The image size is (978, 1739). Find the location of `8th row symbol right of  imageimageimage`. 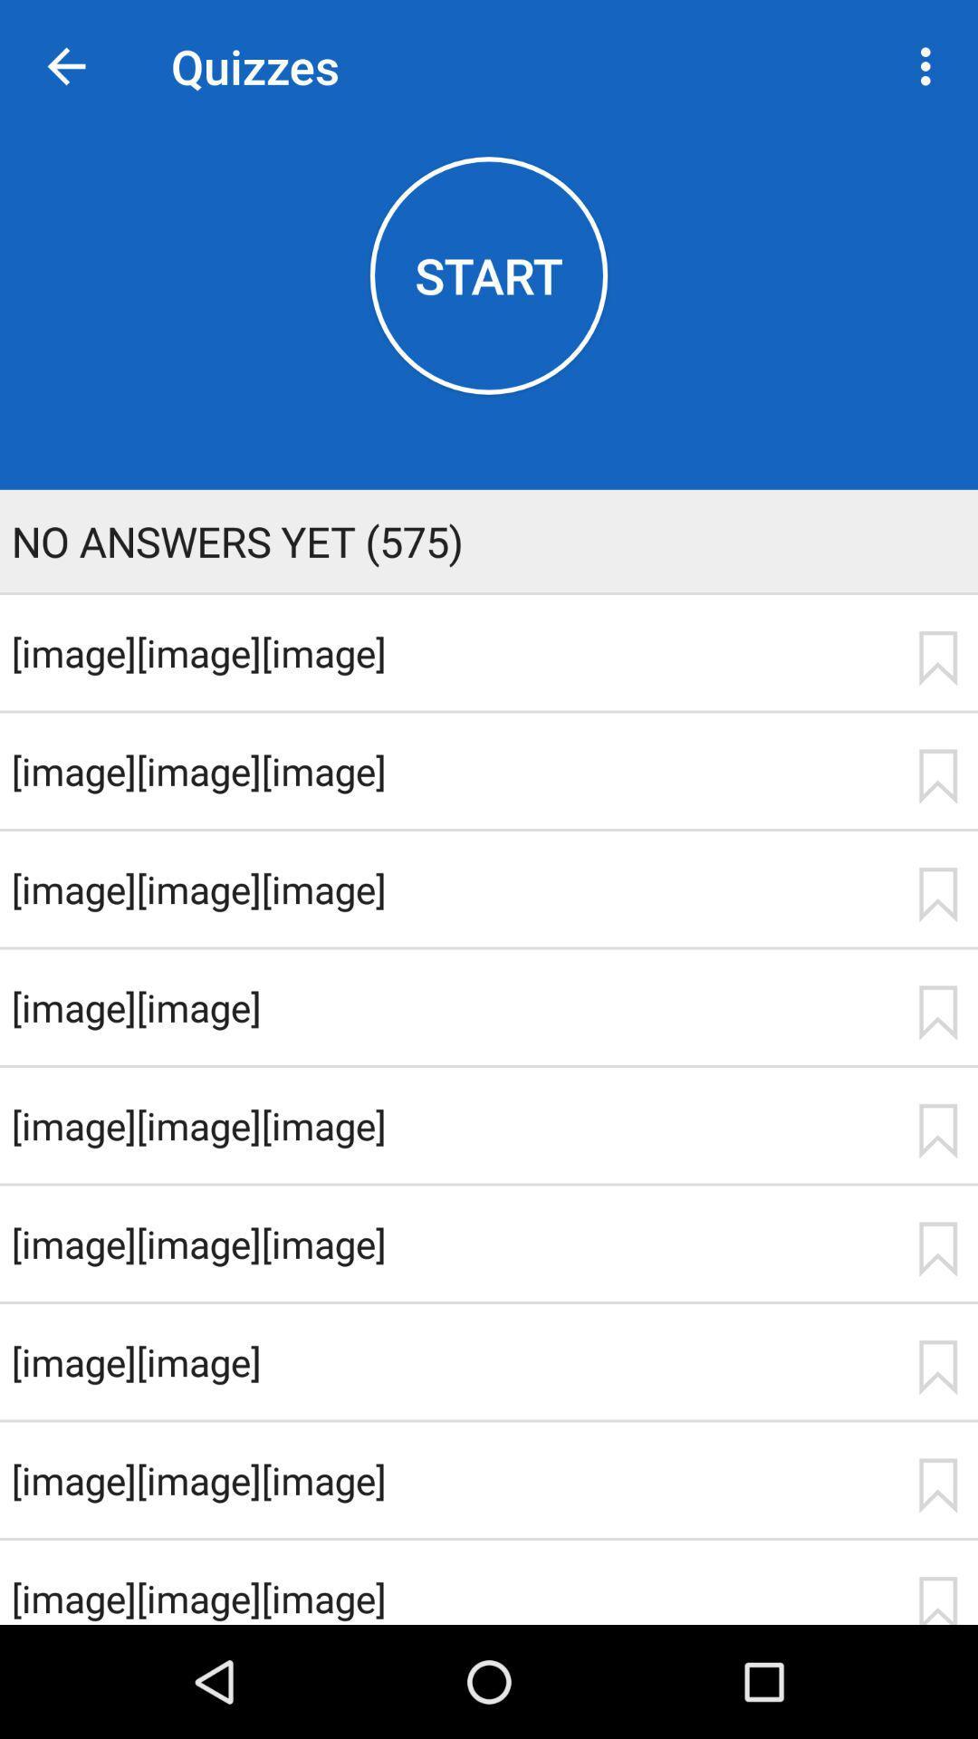

8th row symbol right of  imageimageimage is located at coordinates (937, 1486).